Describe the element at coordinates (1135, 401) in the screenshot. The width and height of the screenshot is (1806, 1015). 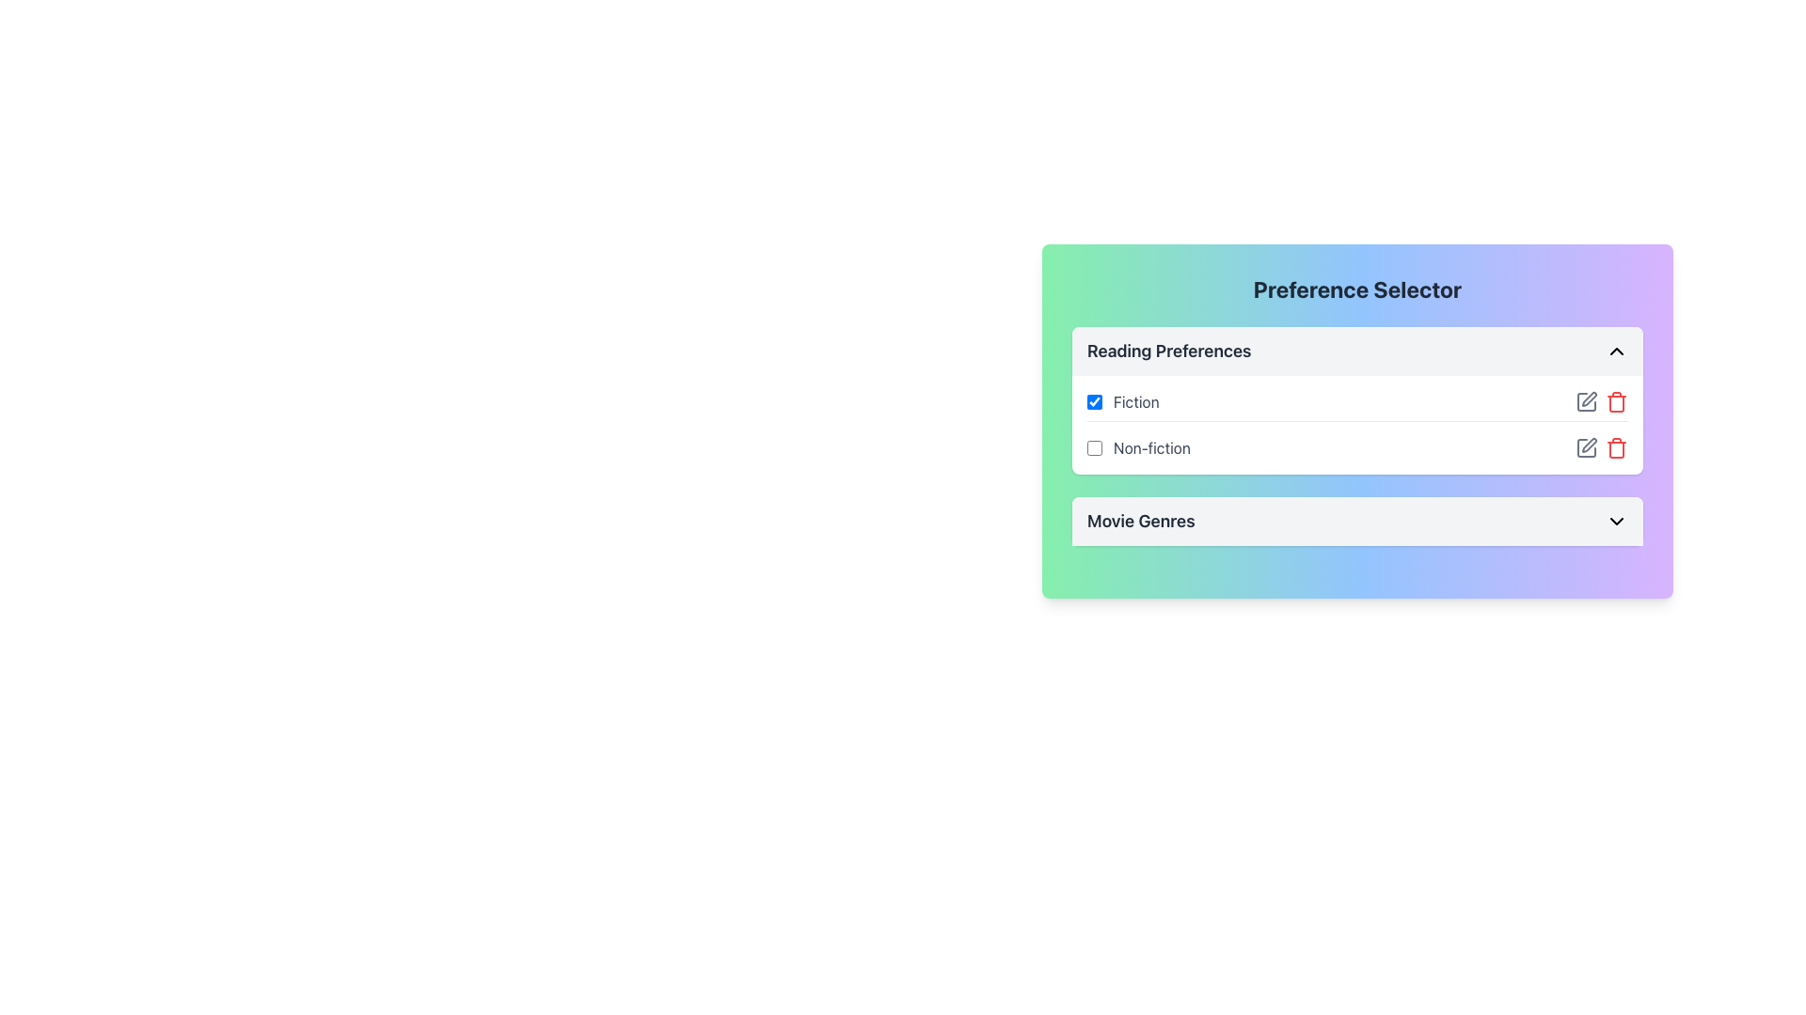
I see `the text label displaying 'Fiction' in gray color, located to the right of a blue checkbox within the 'Reading Preferences' section` at that location.